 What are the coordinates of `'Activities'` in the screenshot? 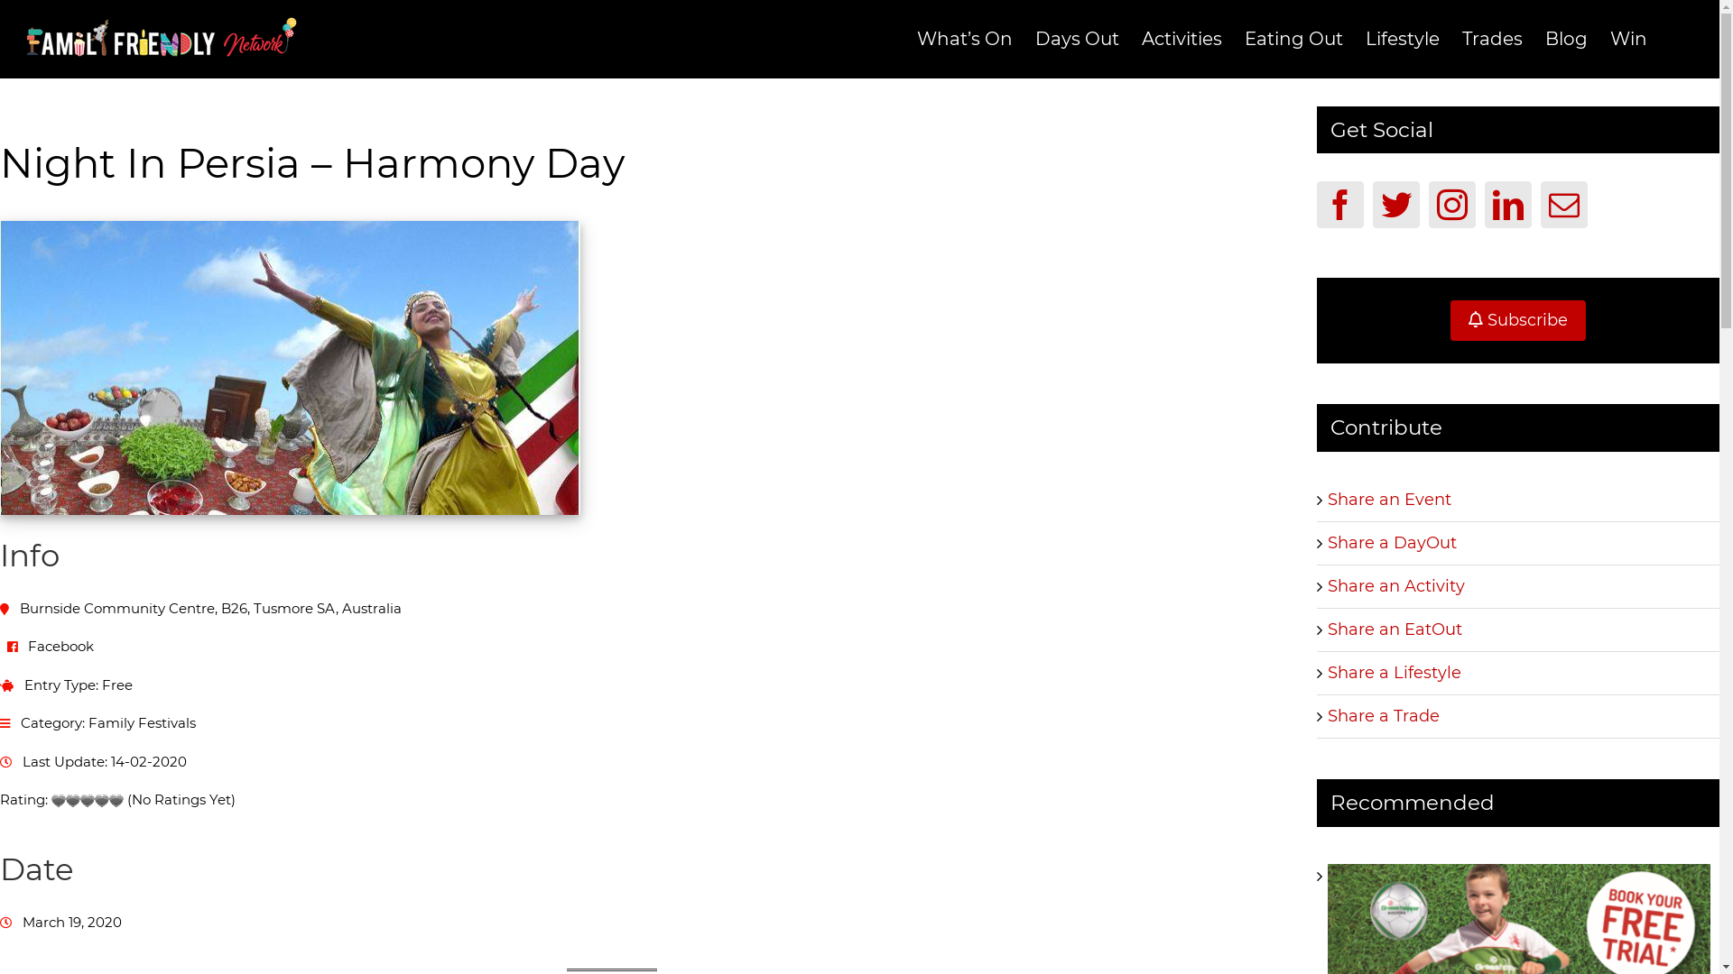 It's located at (1182, 39).